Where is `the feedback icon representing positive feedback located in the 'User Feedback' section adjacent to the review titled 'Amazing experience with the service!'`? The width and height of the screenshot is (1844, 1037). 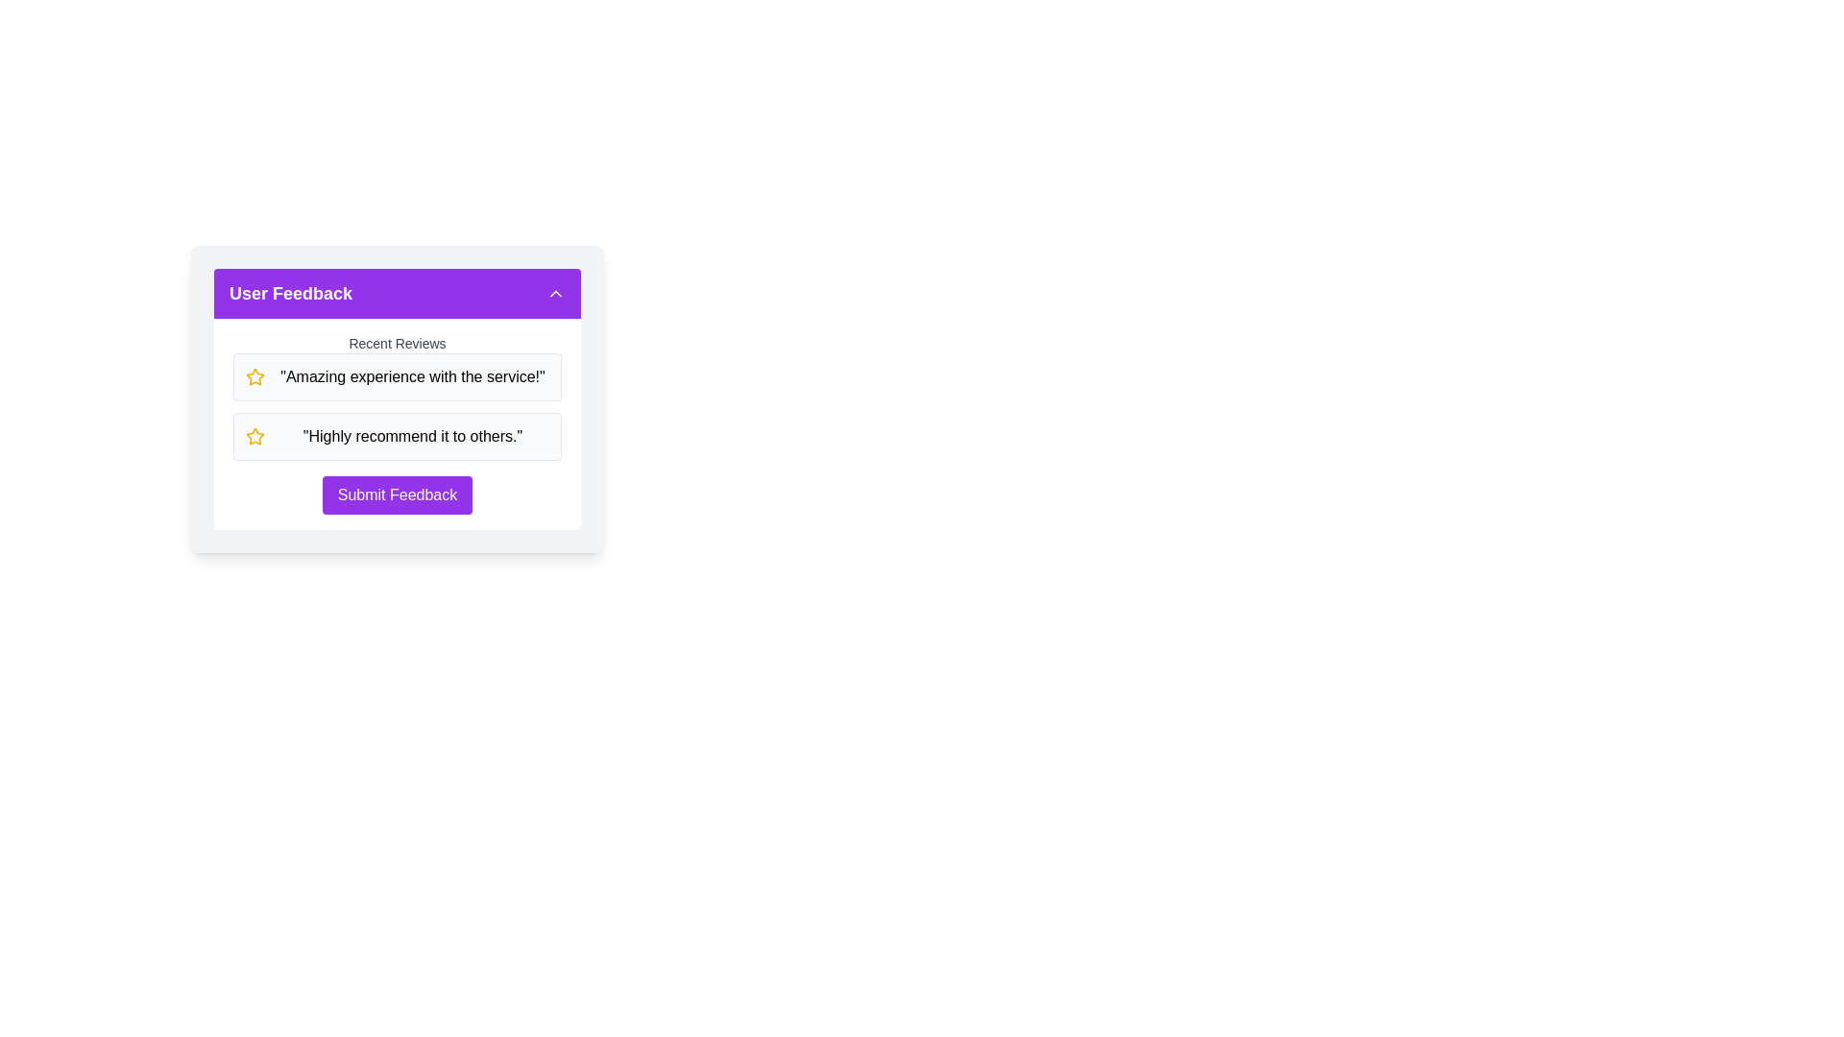
the feedback icon representing positive feedback located in the 'User Feedback' section adjacent to the review titled 'Amazing experience with the service!' is located at coordinates (253, 436).